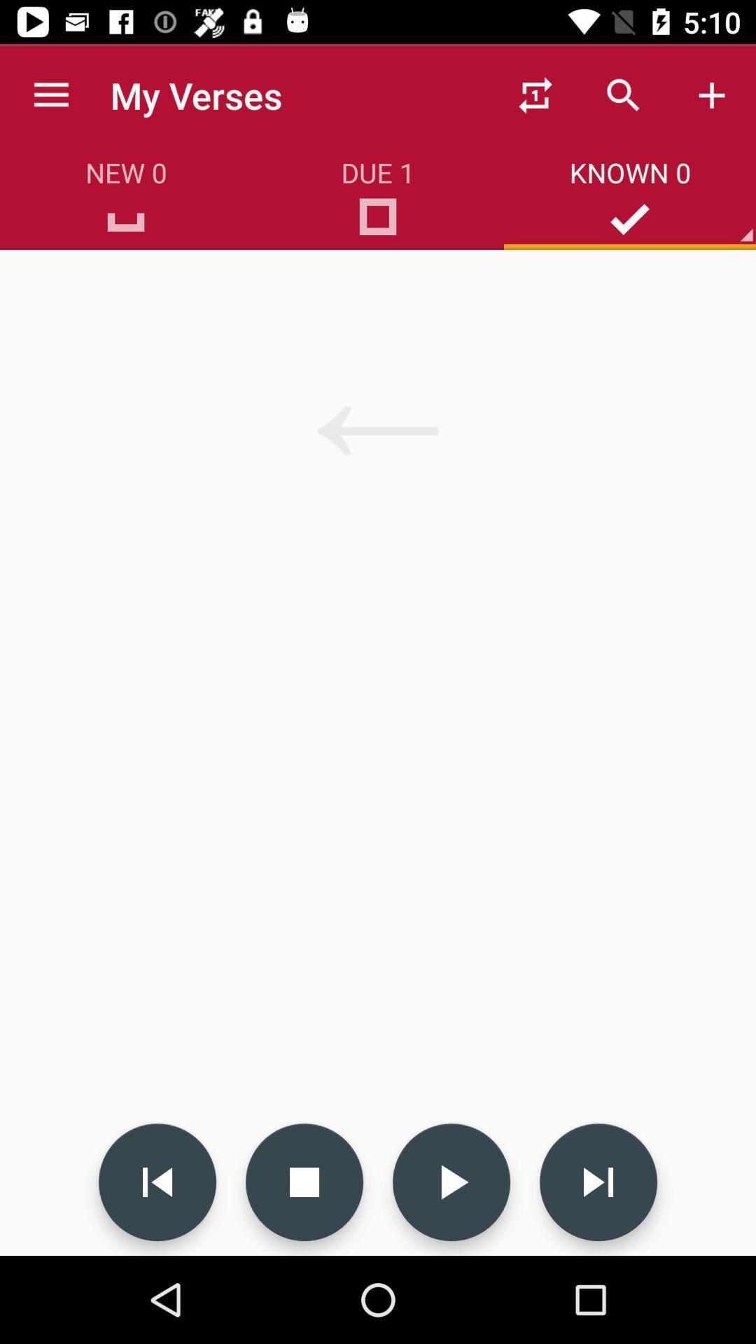  I want to click on icon below due 1, so click(378, 221).